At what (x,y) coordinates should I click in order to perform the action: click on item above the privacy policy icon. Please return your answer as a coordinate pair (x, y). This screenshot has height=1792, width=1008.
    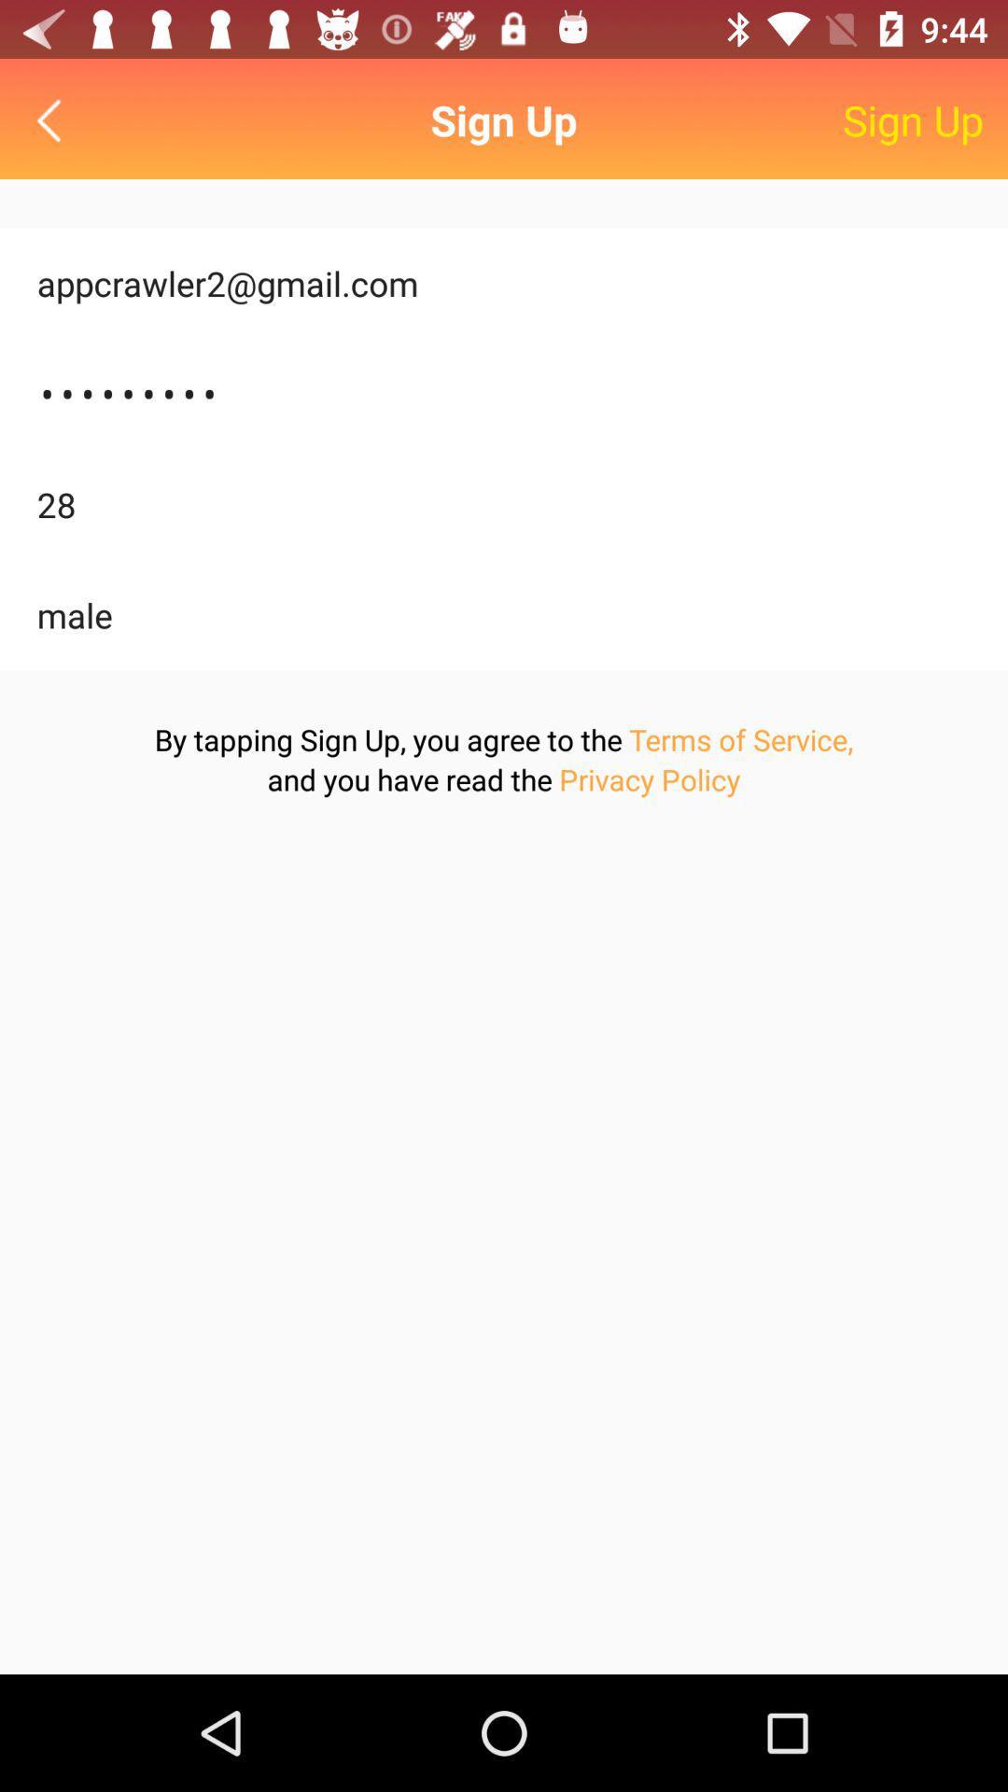
    Looking at the image, I should click on (740, 738).